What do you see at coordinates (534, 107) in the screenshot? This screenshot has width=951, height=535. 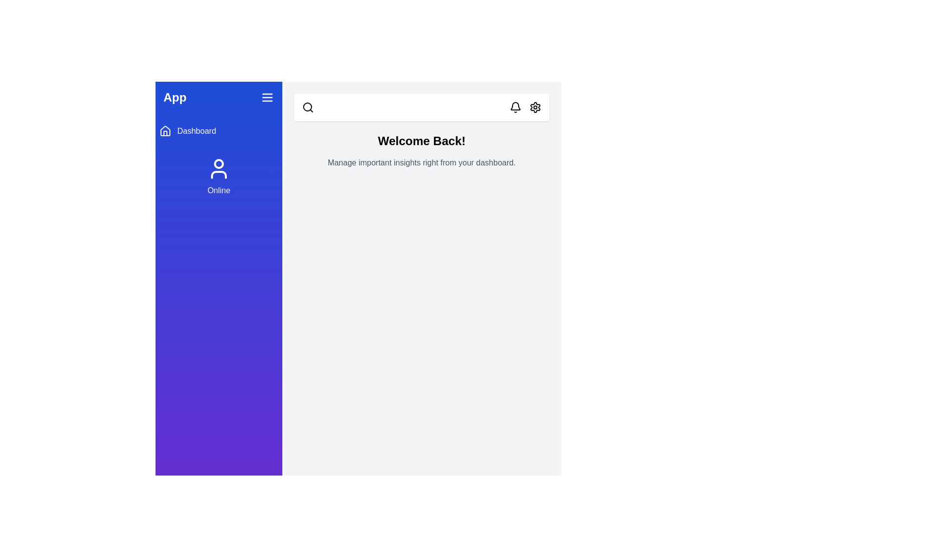 I see `the settings icon to open the settings menu` at bounding box center [534, 107].